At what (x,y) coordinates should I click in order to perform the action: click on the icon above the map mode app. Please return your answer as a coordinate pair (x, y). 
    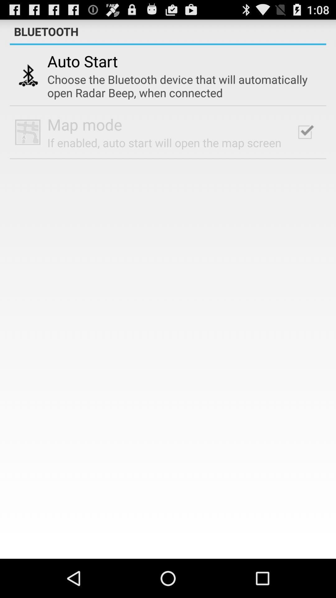
    Looking at the image, I should click on (180, 86).